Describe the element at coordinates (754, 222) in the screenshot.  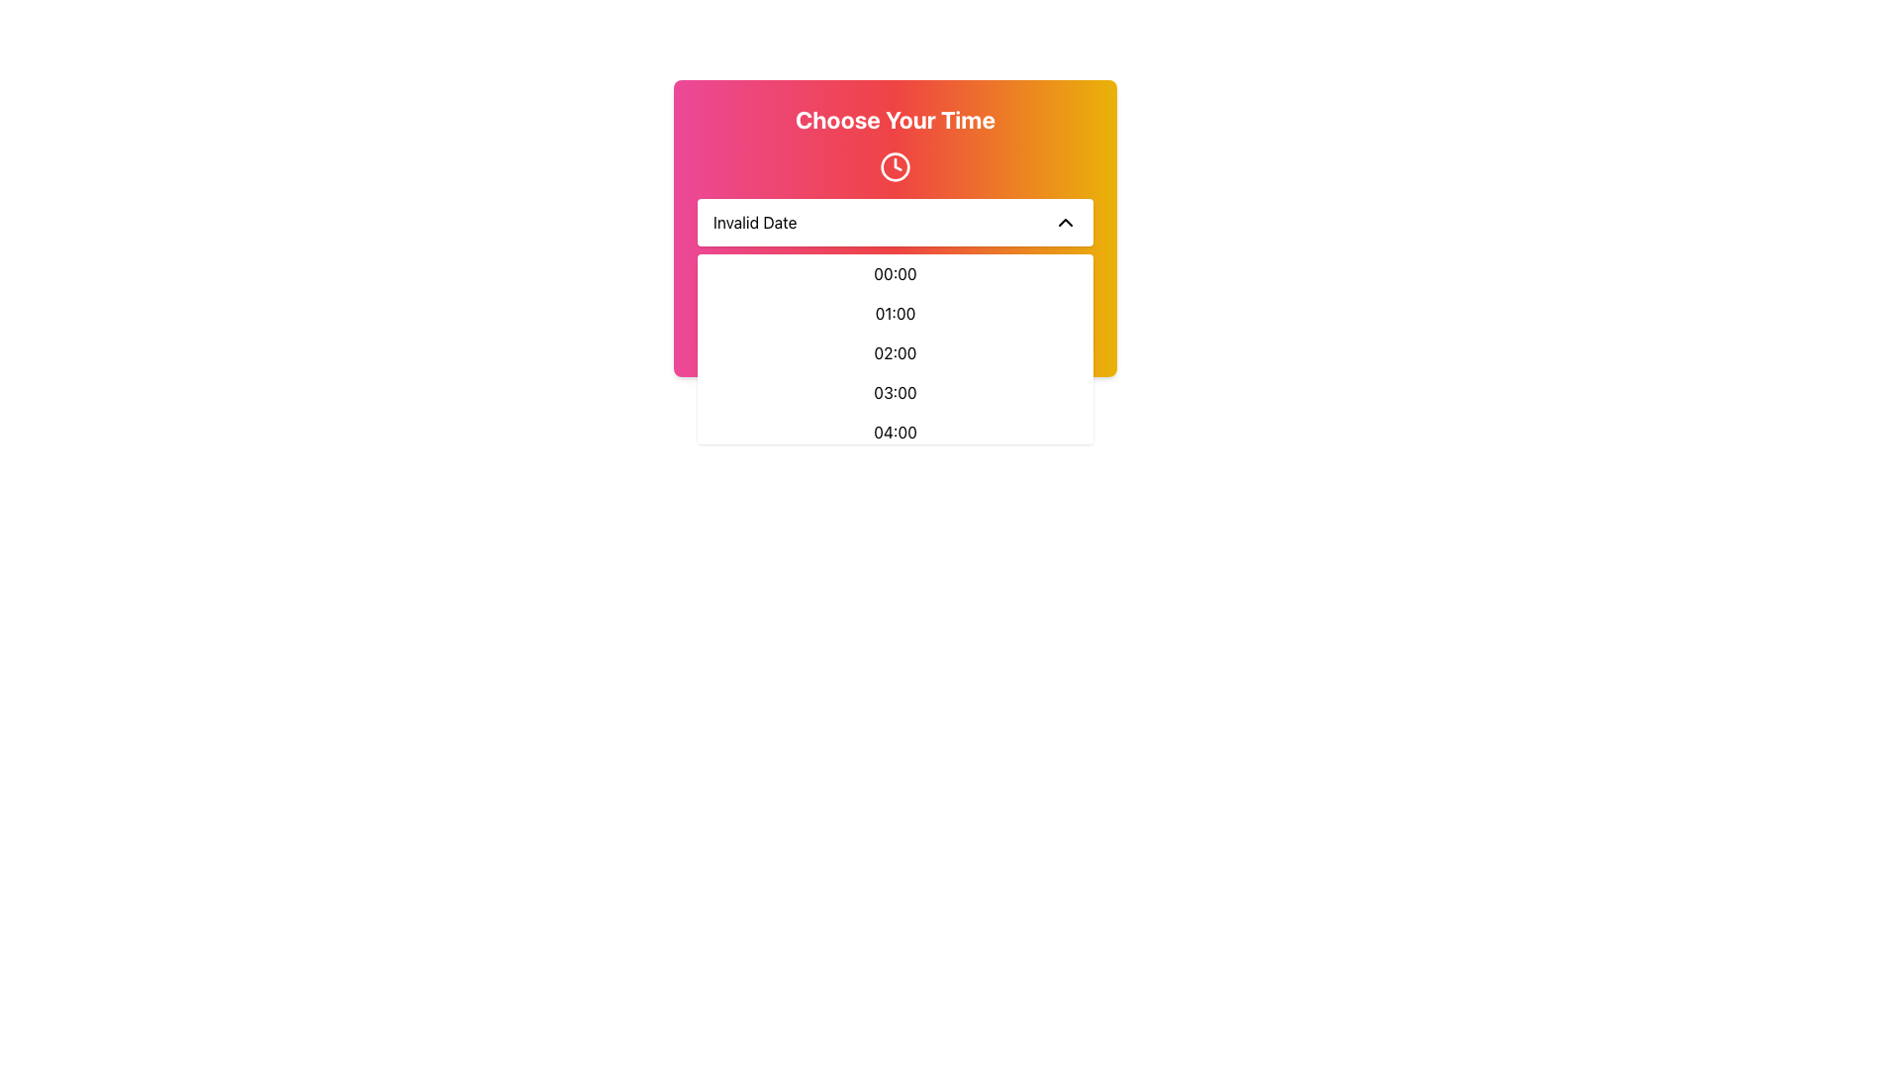
I see `the dropdown menu located directly below the heading 'Choose Your Time' to change the displayed text represented by the text label` at that location.